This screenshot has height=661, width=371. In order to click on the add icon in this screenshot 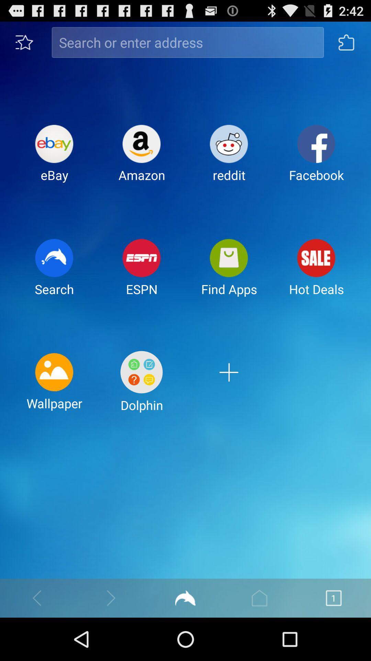, I will do `click(229, 414)`.